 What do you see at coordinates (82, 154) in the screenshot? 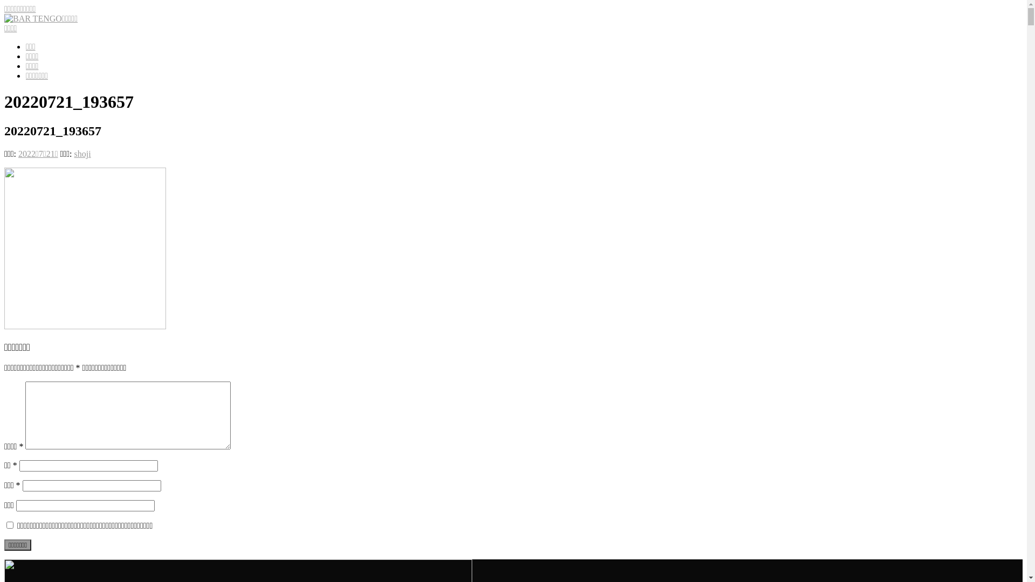
I see `'shoji'` at bounding box center [82, 154].